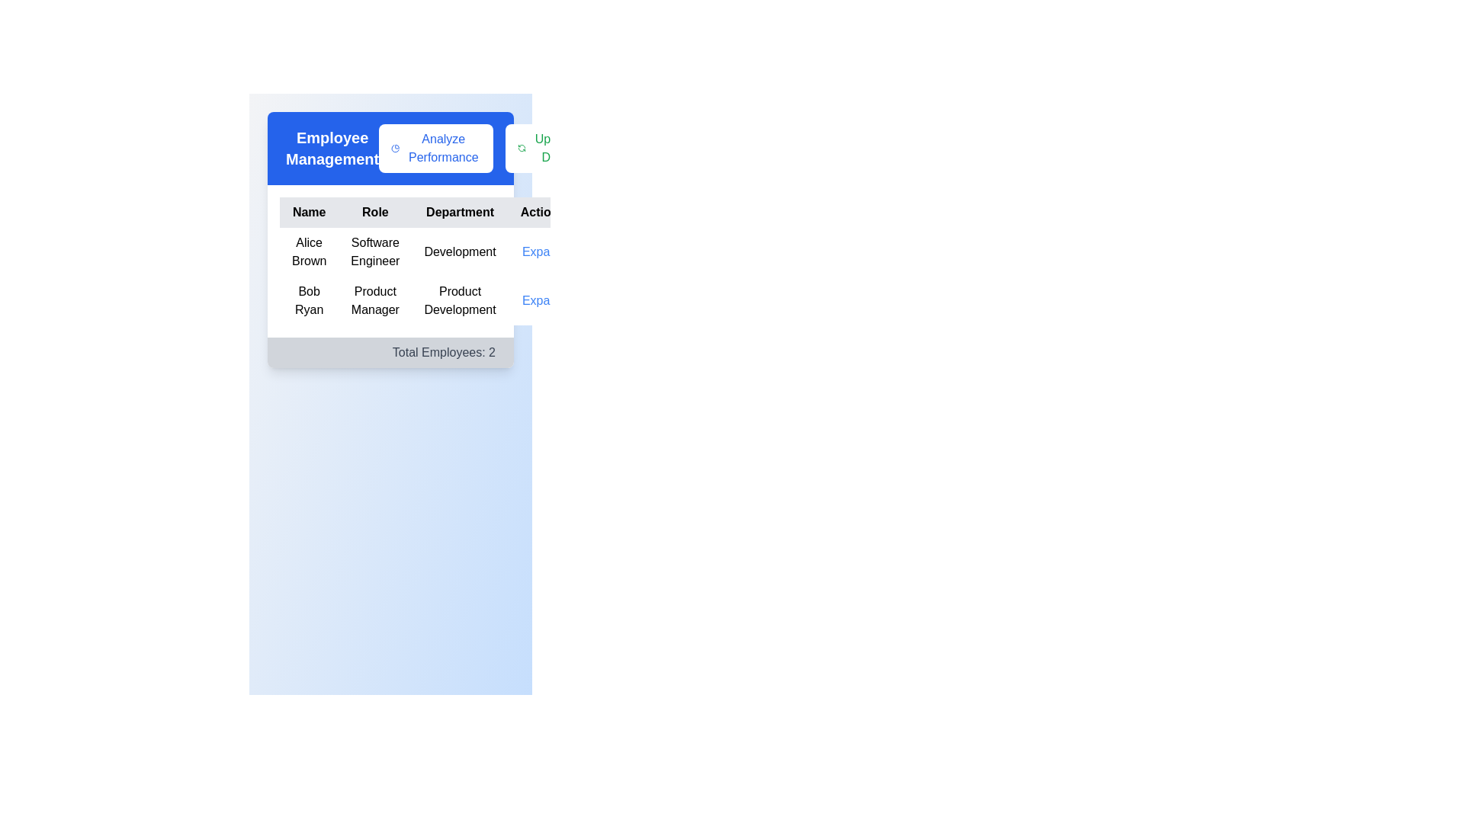  I want to click on the static text label that serves as the column header for employee names, located at the upper-left side of the table, so click(308, 212).